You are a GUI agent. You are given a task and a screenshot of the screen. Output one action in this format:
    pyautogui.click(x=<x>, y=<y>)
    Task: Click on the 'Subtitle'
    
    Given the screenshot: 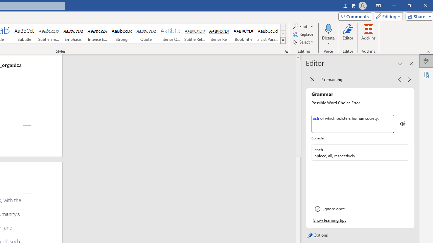 What is the action you would take?
    pyautogui.click(x=24, y=34)
    